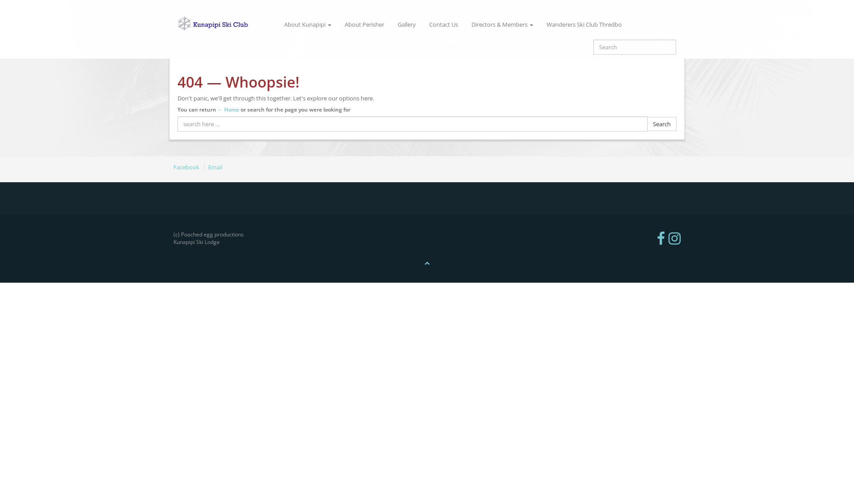 This screenshot has width=854, height=480. What do you see at coordinates (422, 24) in the screenshot?
I see `'Contact Us'` at bounding box center [422, 24].